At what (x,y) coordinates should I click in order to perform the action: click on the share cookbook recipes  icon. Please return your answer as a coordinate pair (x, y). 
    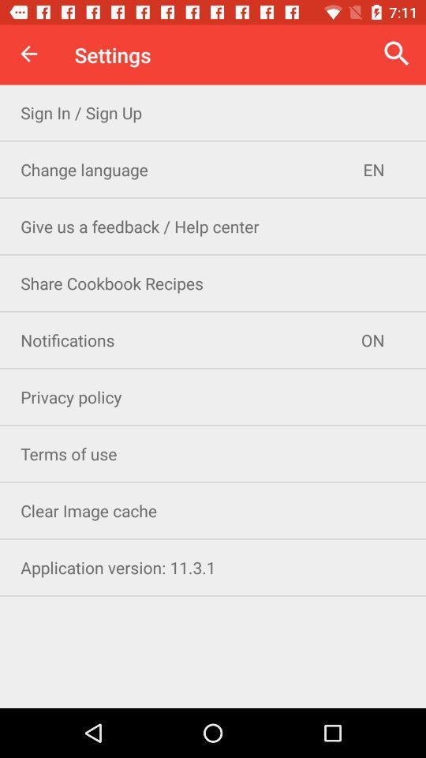
    Looking at the image, I should click on (213, 283).